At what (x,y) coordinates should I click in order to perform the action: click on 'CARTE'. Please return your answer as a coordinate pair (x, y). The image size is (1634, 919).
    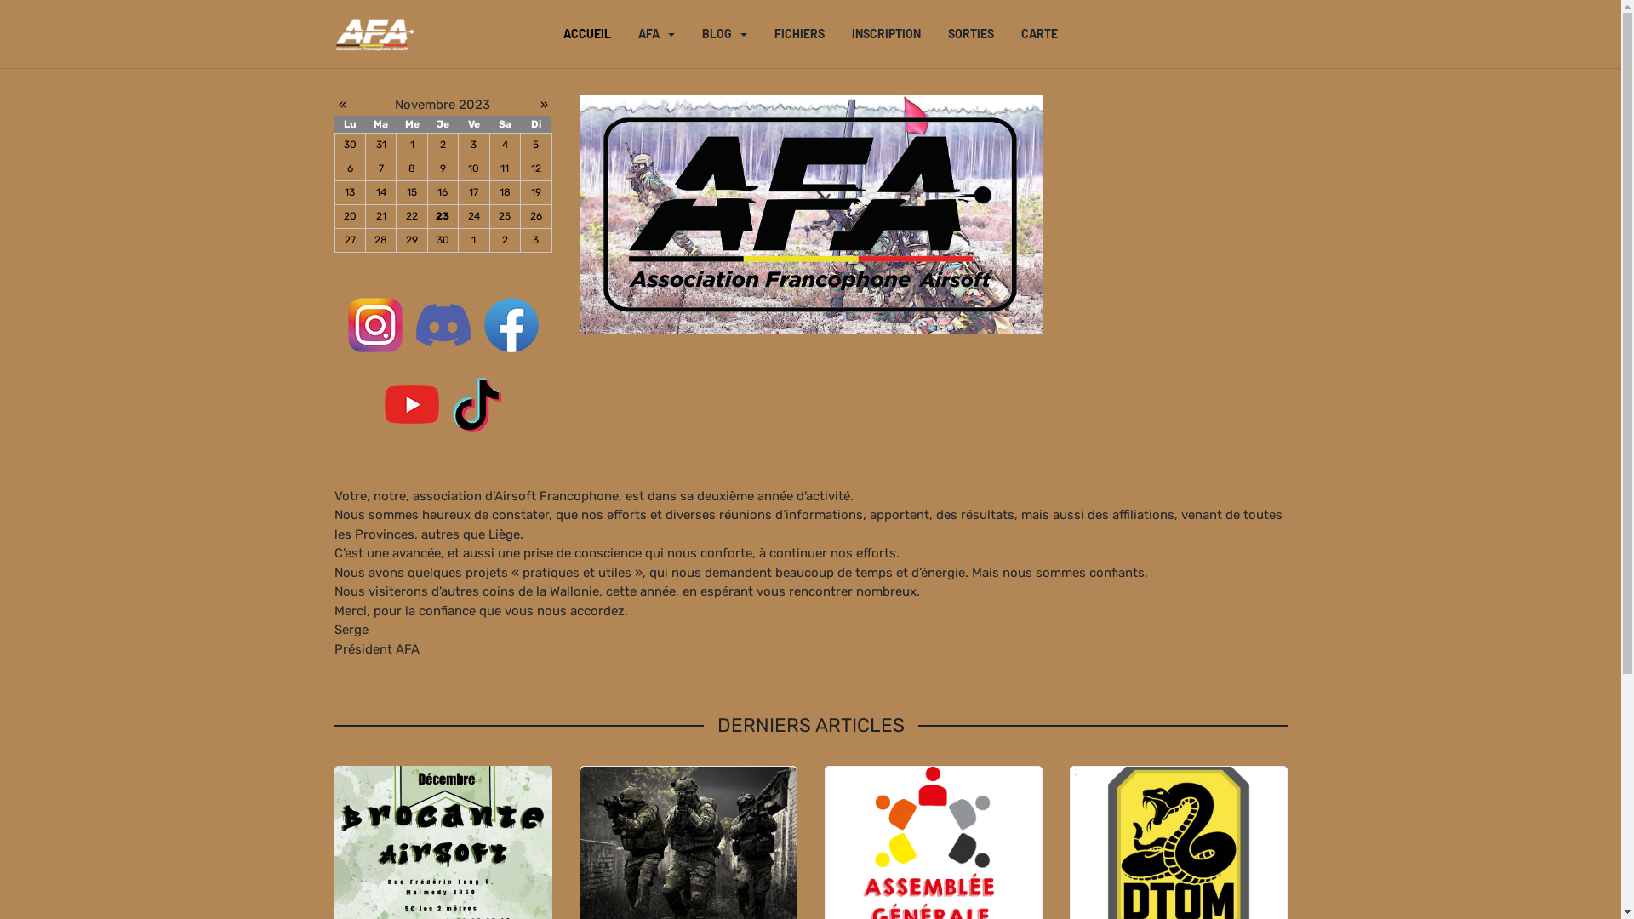
    Looking at the image, I should click on (1038, 33).